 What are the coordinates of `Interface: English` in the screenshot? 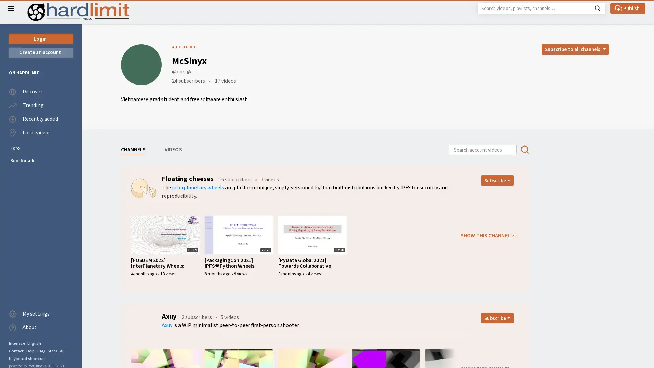 It's located at (25, 343).